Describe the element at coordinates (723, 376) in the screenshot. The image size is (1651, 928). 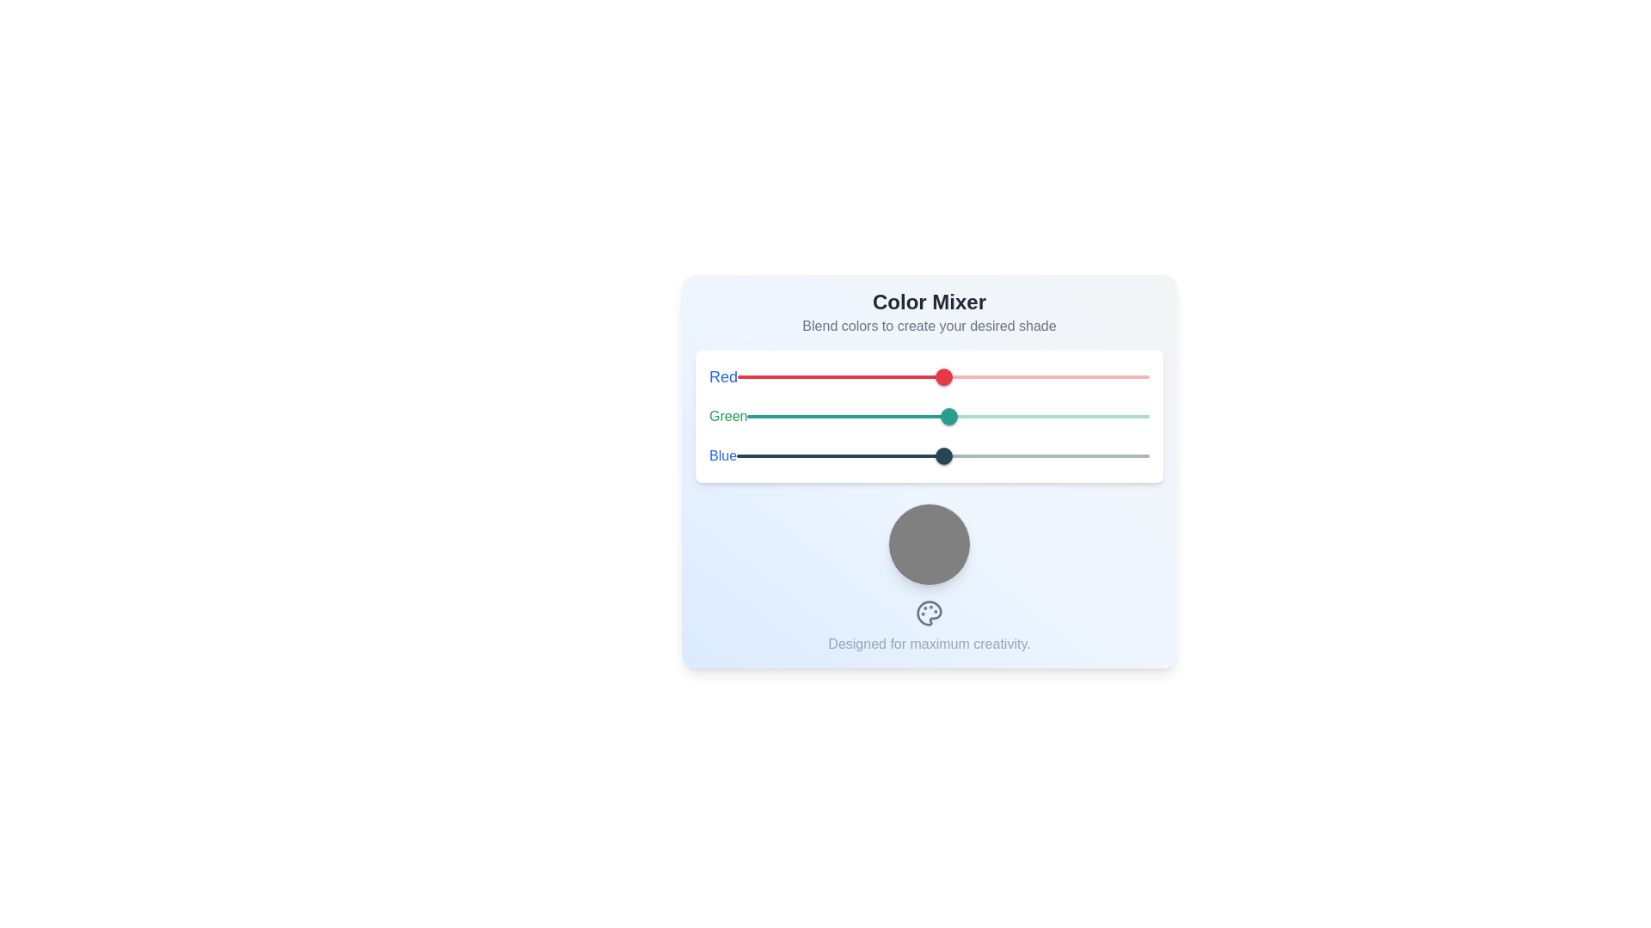
I see `the text label reading 'Red', which is styled in bold blue font and serves as a title for its section` at that location.